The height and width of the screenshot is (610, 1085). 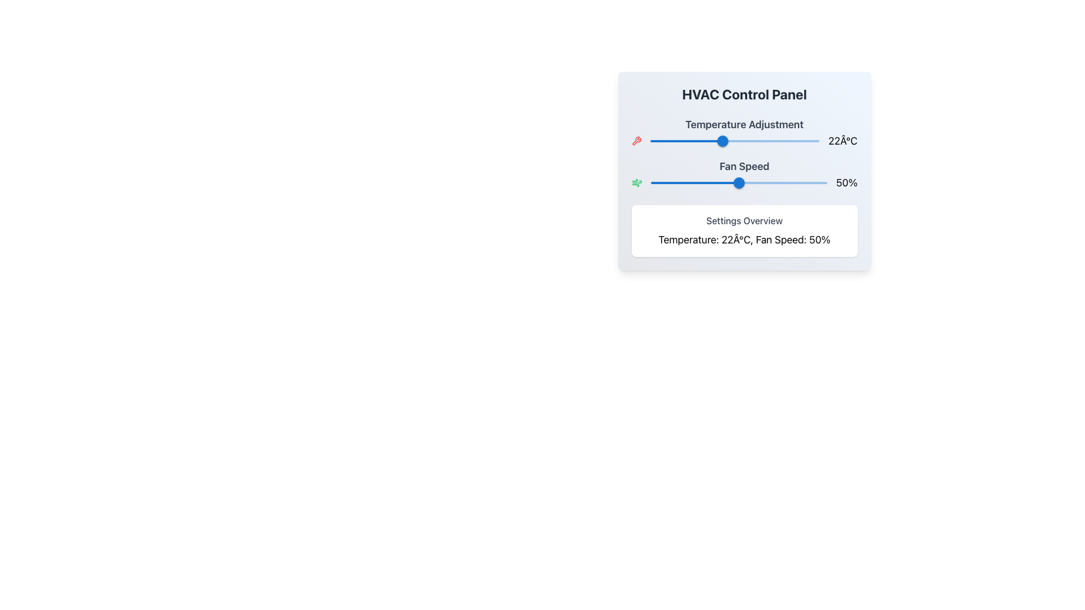 What do you see at coordinates (636, 141) in the screenshot?
I see `the wrench icon located on the far left side of the configuration settings for HVAC adjustments` at bounding box center [636, 141].